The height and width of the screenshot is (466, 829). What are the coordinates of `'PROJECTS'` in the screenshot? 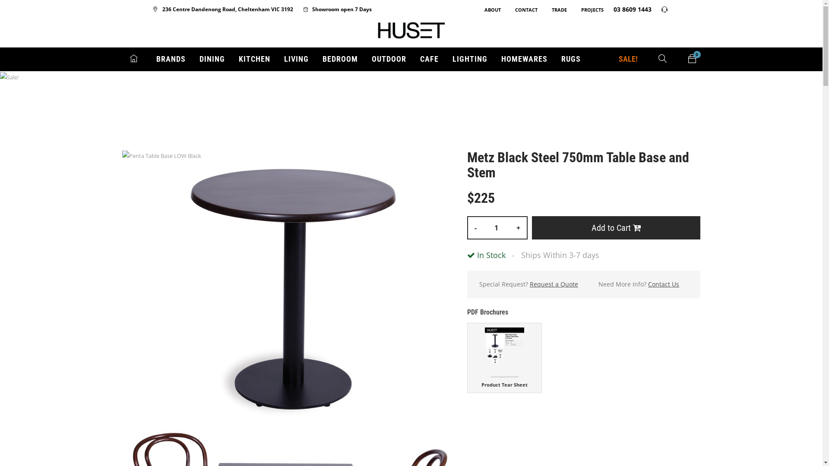 It's located at (588, 9).